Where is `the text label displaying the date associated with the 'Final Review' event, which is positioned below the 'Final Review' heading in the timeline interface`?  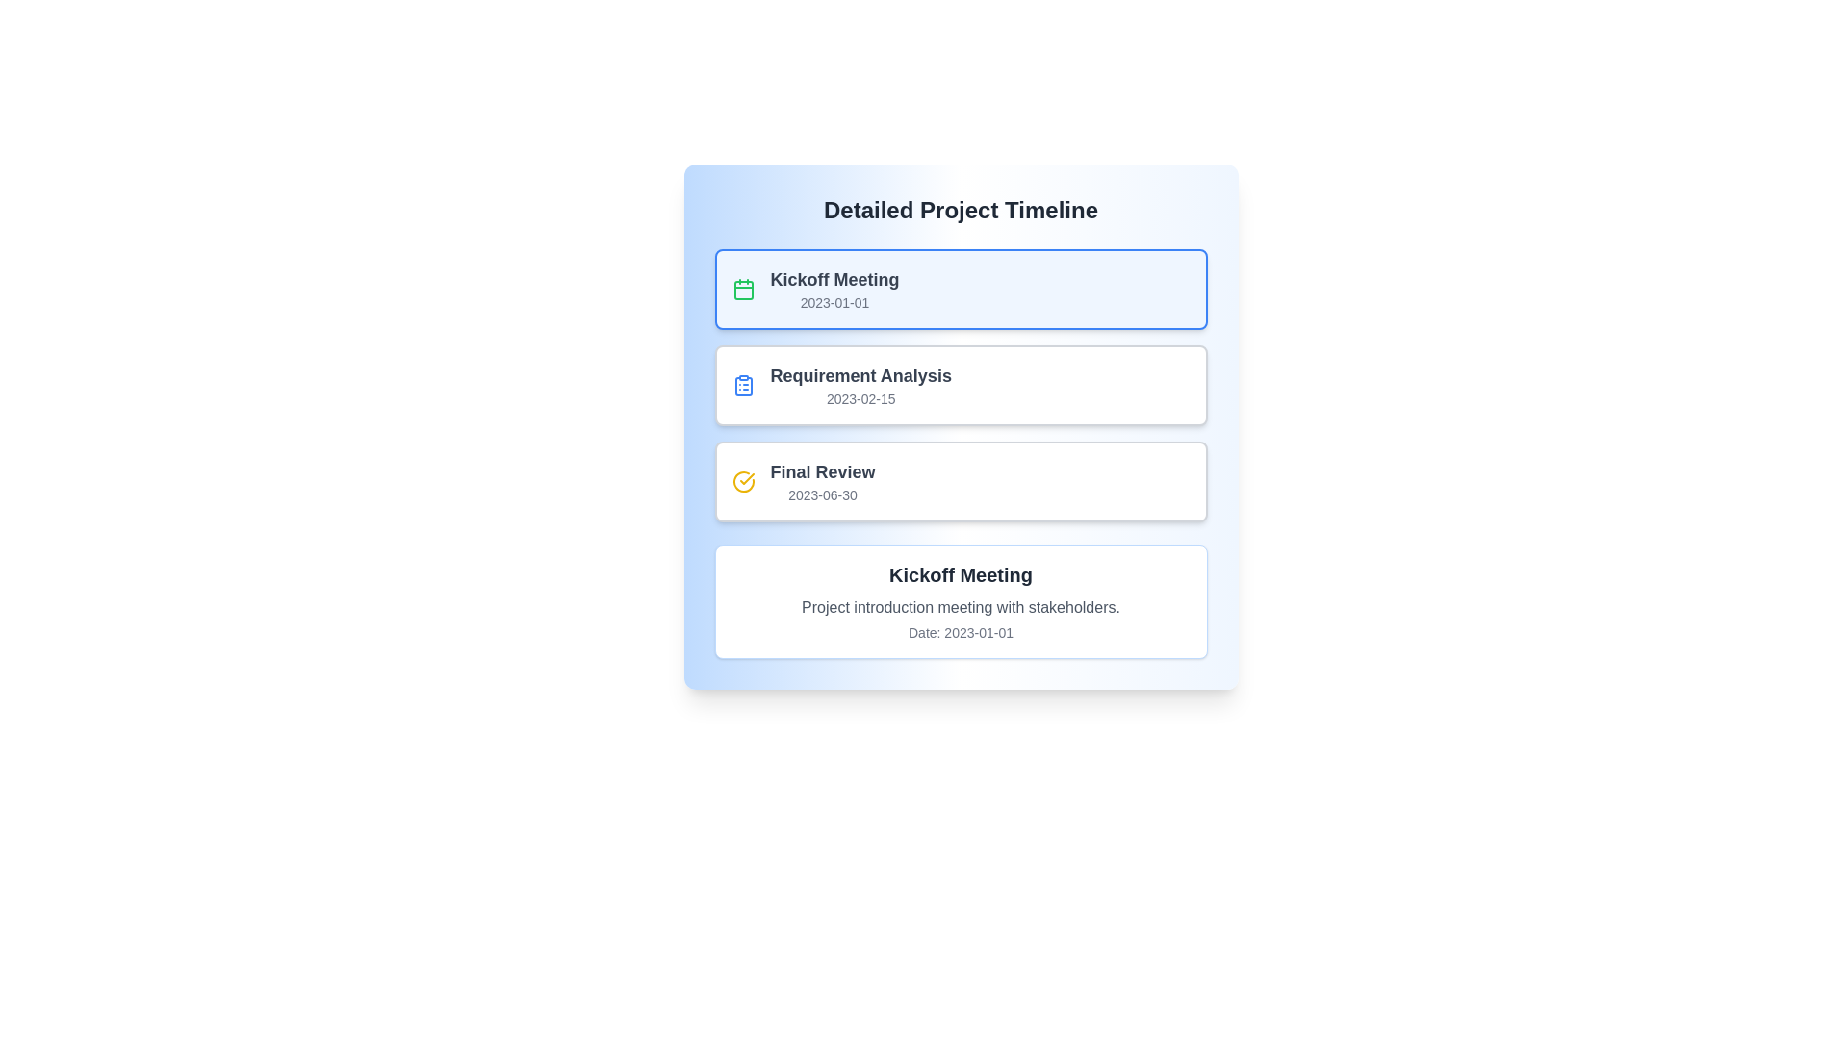
the text label displaying the date associated with the 'Final Review' event, which is positioned below the 'Final Review' heading in the timeline interface is located at coordinates (822, 494).